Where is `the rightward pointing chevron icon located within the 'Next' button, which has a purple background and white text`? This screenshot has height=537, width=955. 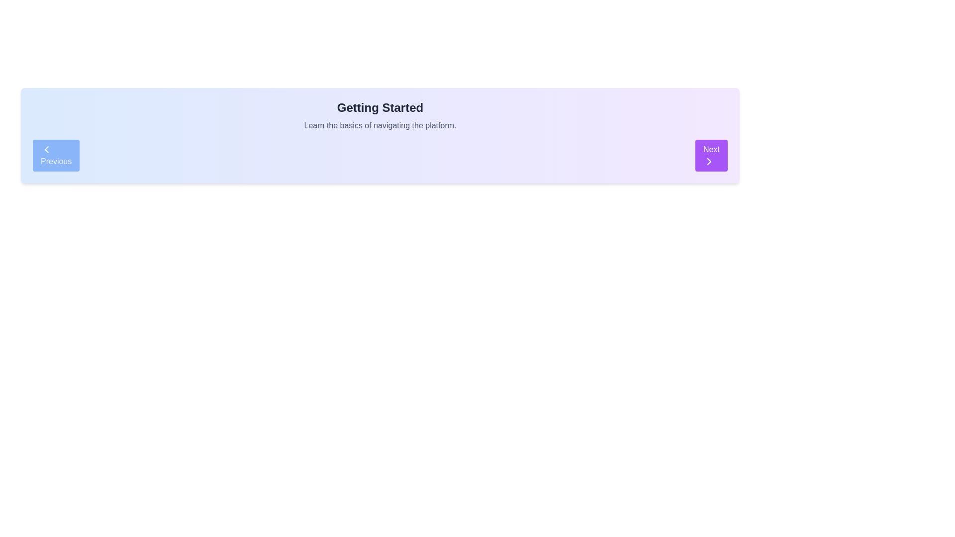 the rightward pointing chevron icon located within the 'Next' button, which has a purple background and white text is located at coordinates (709, 161).